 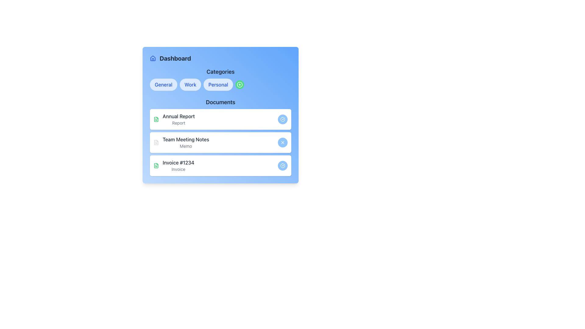 What do you see at coordinates (239, 84) in the screenshot?
I see `the green button in the 'Categories' section` at bounding box center [239, 84].